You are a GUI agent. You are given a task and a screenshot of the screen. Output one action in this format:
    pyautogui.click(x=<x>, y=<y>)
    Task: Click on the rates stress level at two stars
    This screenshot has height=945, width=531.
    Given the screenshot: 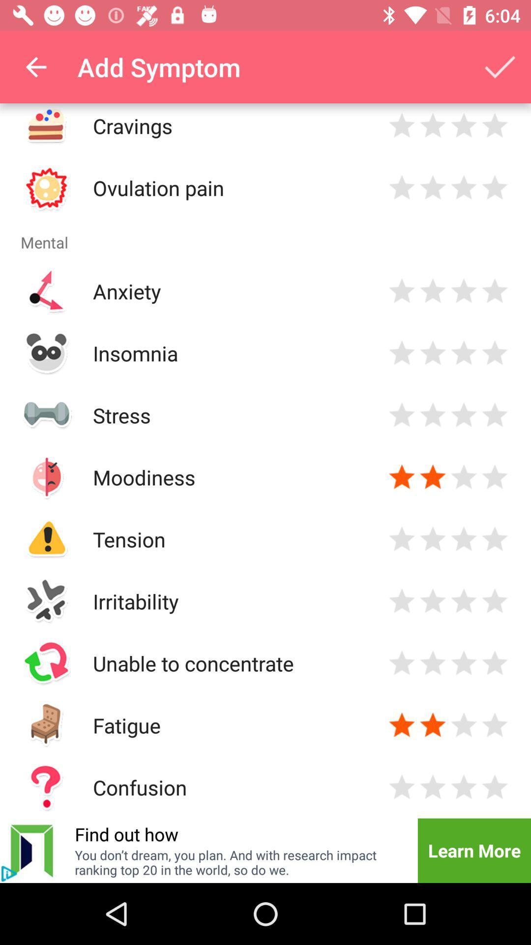 What is the action you would take?
    pyautogui.click(x=432, y=415)
    